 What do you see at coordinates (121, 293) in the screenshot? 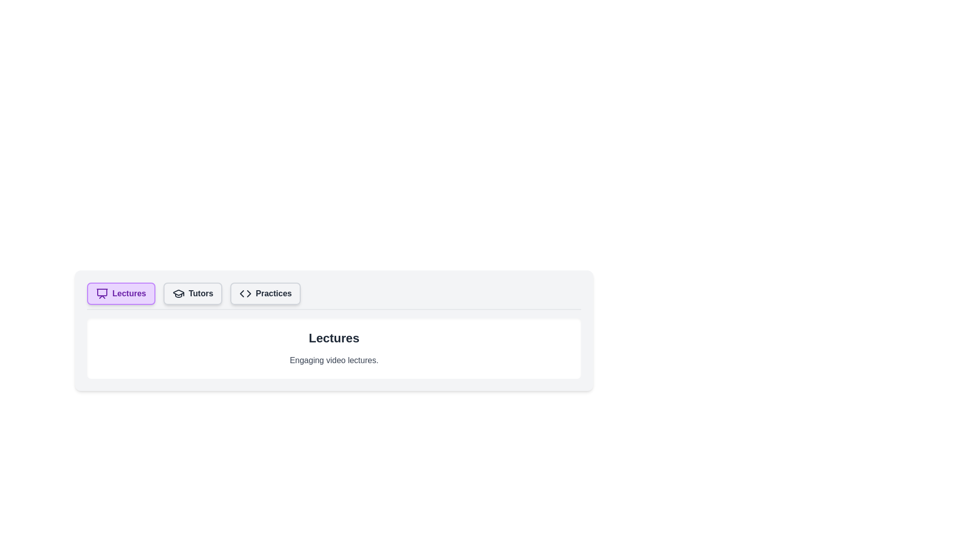
I see `the 'Lectures' button, which is the first button in the horizontal navigation bar with a soft purple background and purple text` at bounding box center [121, 293].